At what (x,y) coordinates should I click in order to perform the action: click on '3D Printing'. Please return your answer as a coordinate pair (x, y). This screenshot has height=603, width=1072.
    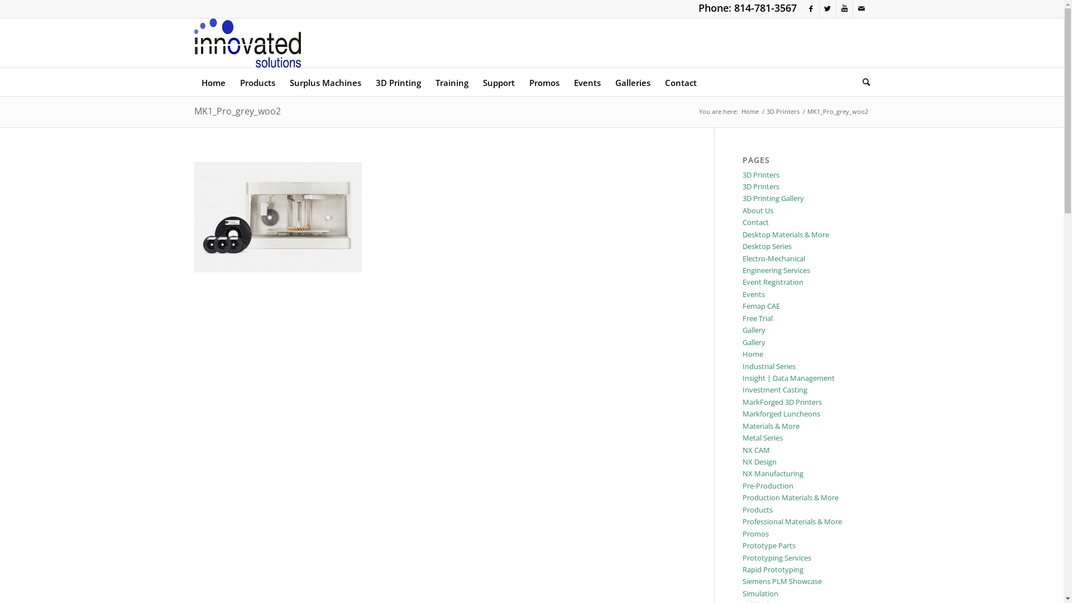
    Looking at the image, I should click on (398, 81).